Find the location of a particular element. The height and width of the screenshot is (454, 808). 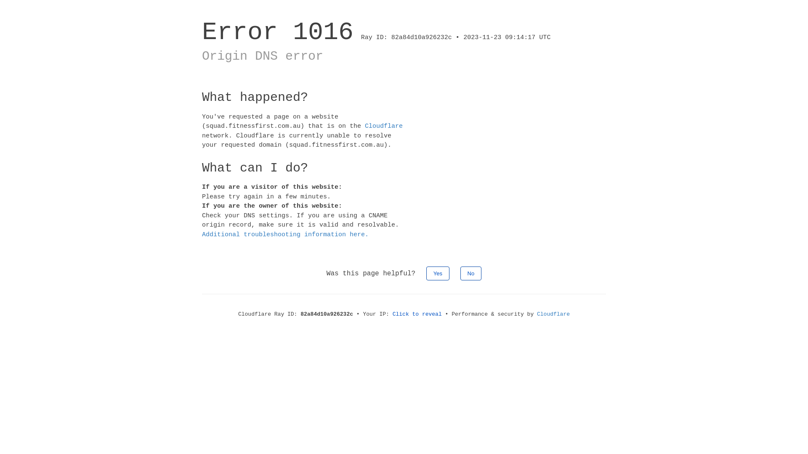

'Click to reveal' is located at coordinates (417, 314).